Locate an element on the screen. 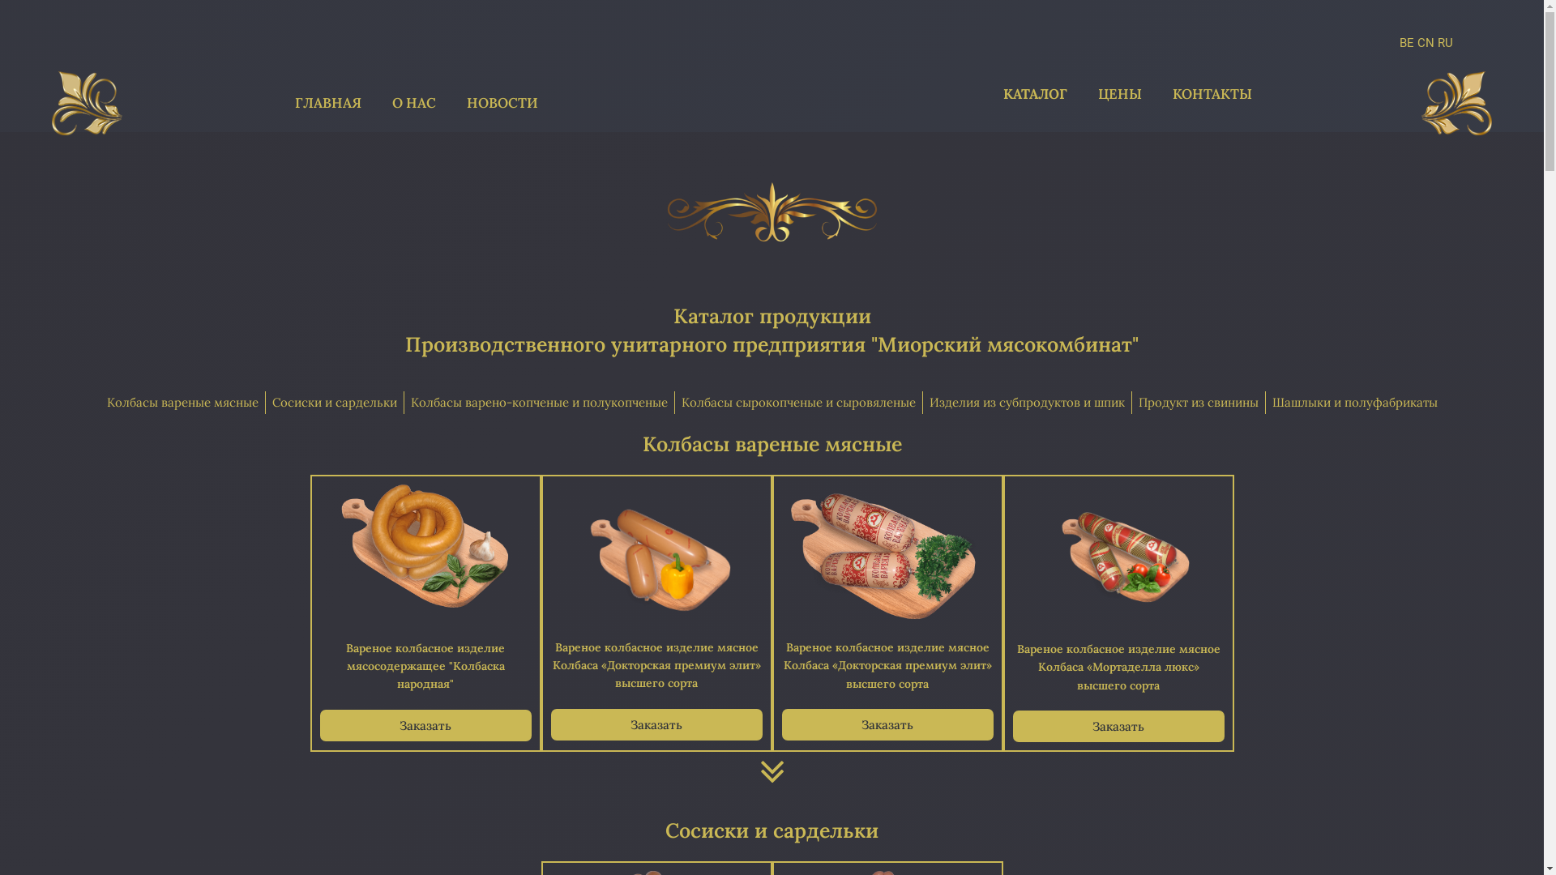 The height and width of the screenshot is (875, 1556). 'RU' is located at coordinates (1445, 42).